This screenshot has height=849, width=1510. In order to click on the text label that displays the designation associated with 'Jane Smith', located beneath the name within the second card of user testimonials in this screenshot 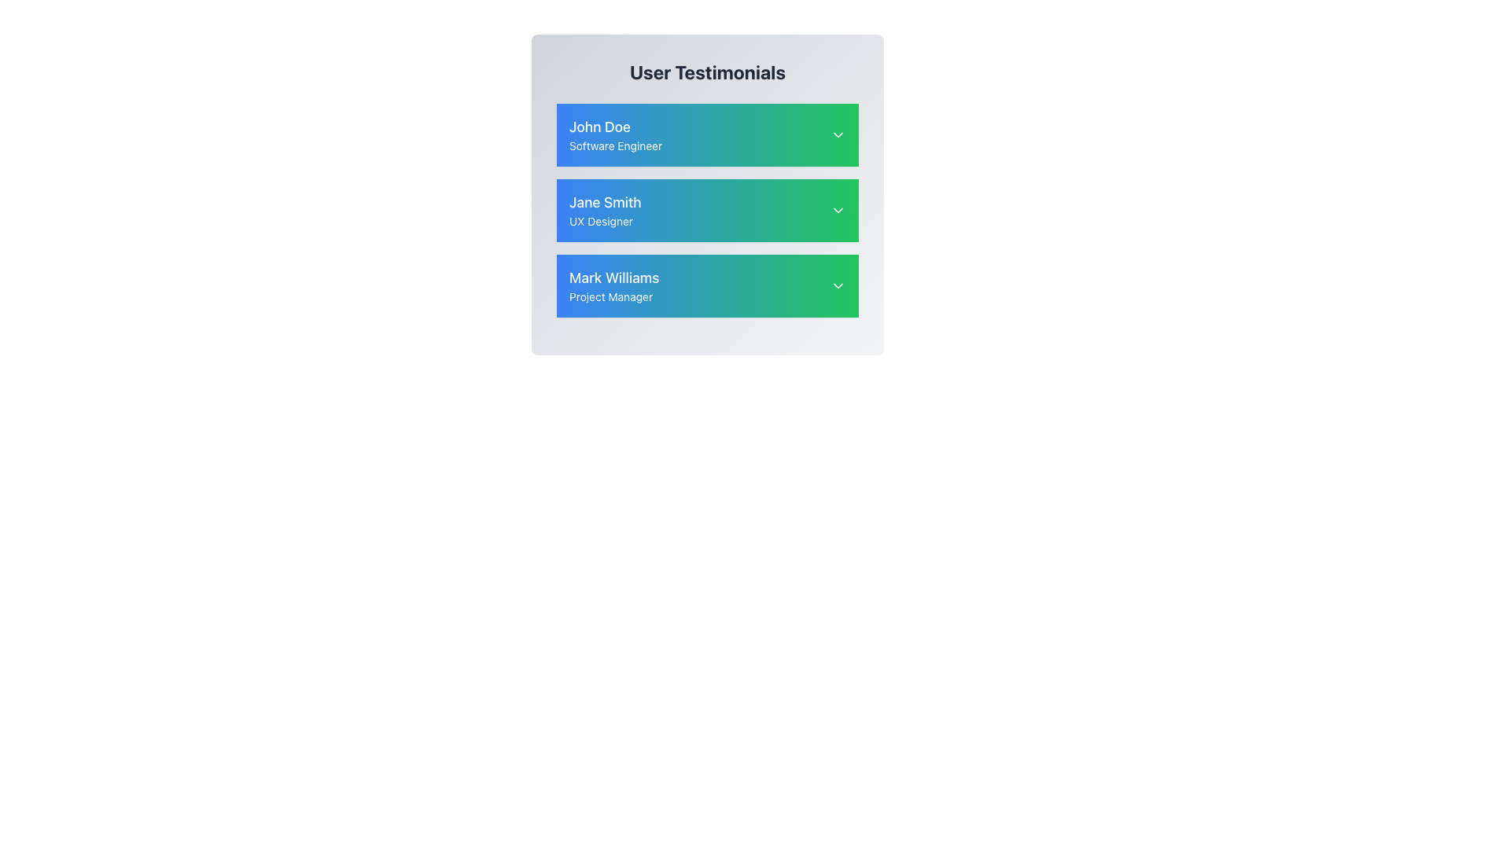, I will do `click(604, 221)`.